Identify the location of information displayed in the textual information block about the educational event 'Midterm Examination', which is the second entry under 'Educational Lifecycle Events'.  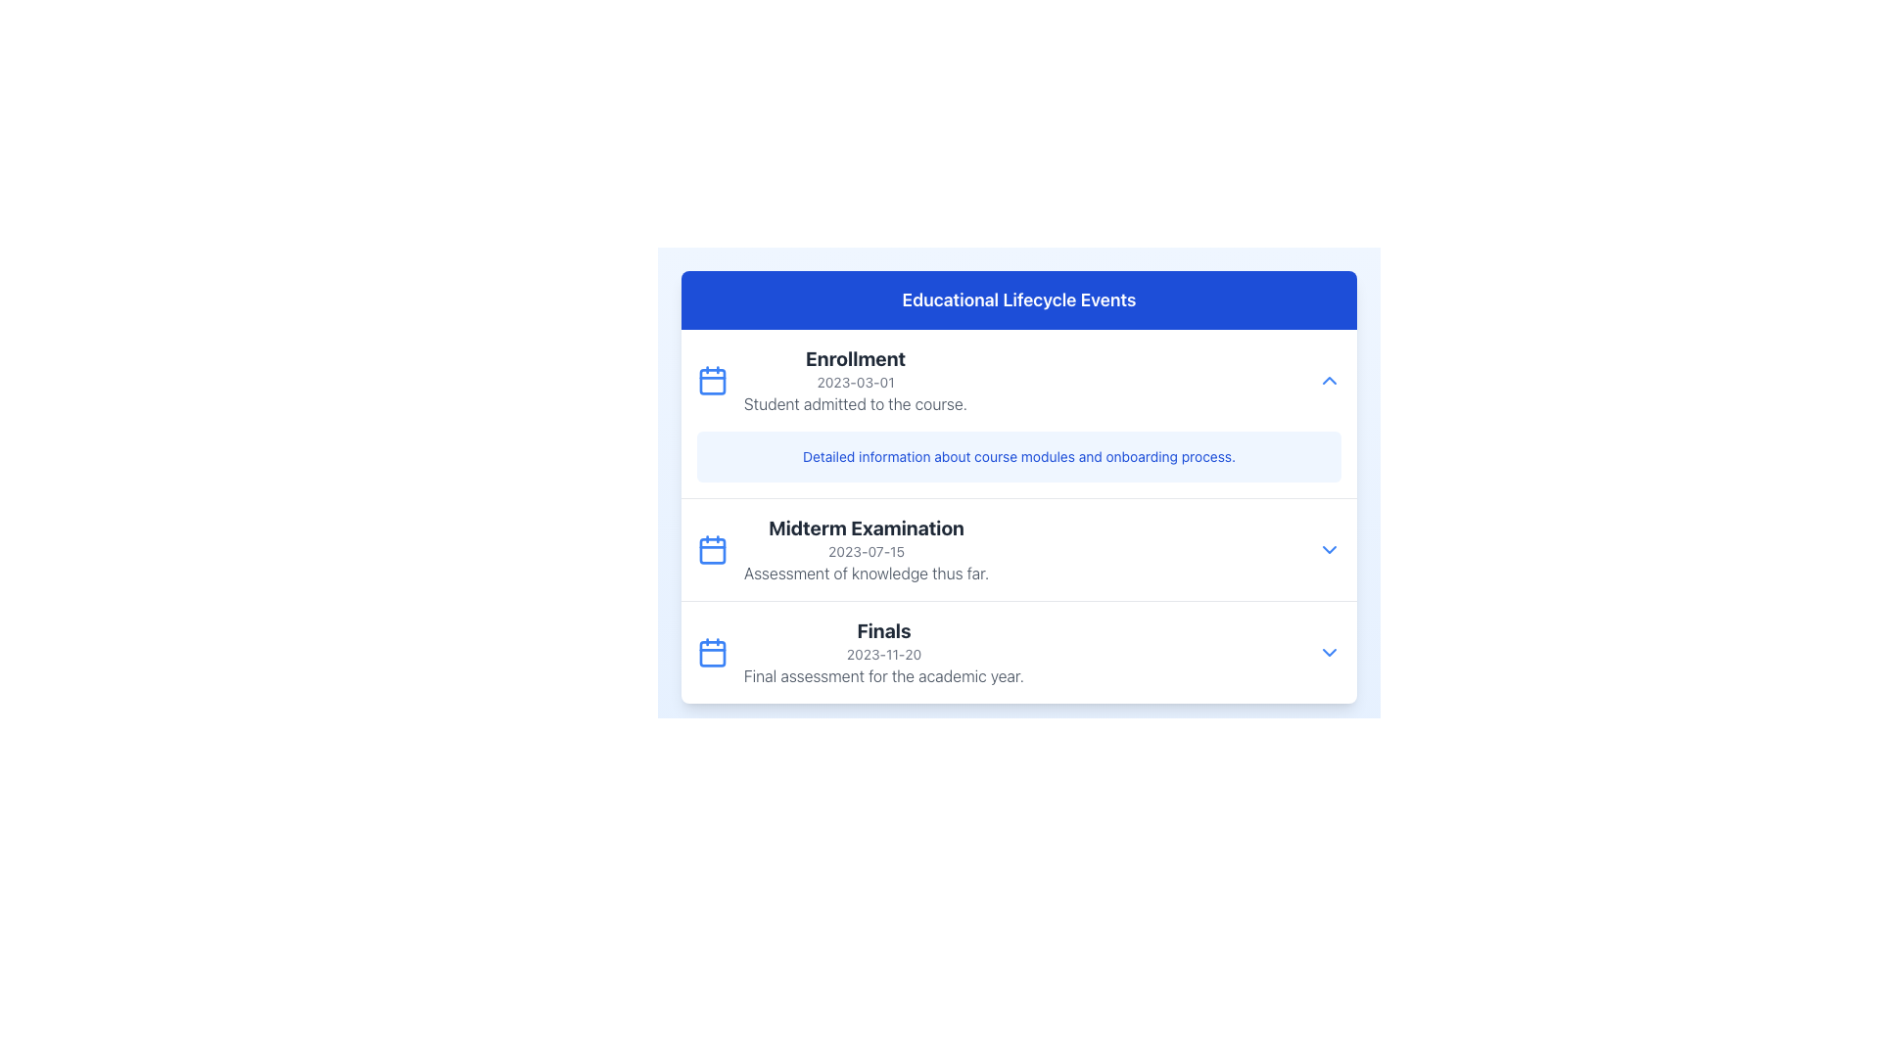
(866, 550).